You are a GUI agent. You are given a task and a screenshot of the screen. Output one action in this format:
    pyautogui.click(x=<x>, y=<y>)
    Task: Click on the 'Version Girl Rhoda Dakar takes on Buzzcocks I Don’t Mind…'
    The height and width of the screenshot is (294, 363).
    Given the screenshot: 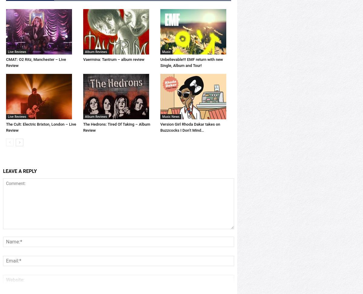 What is the action you would take?
    pyautogui.click(x=190, y=148)
    